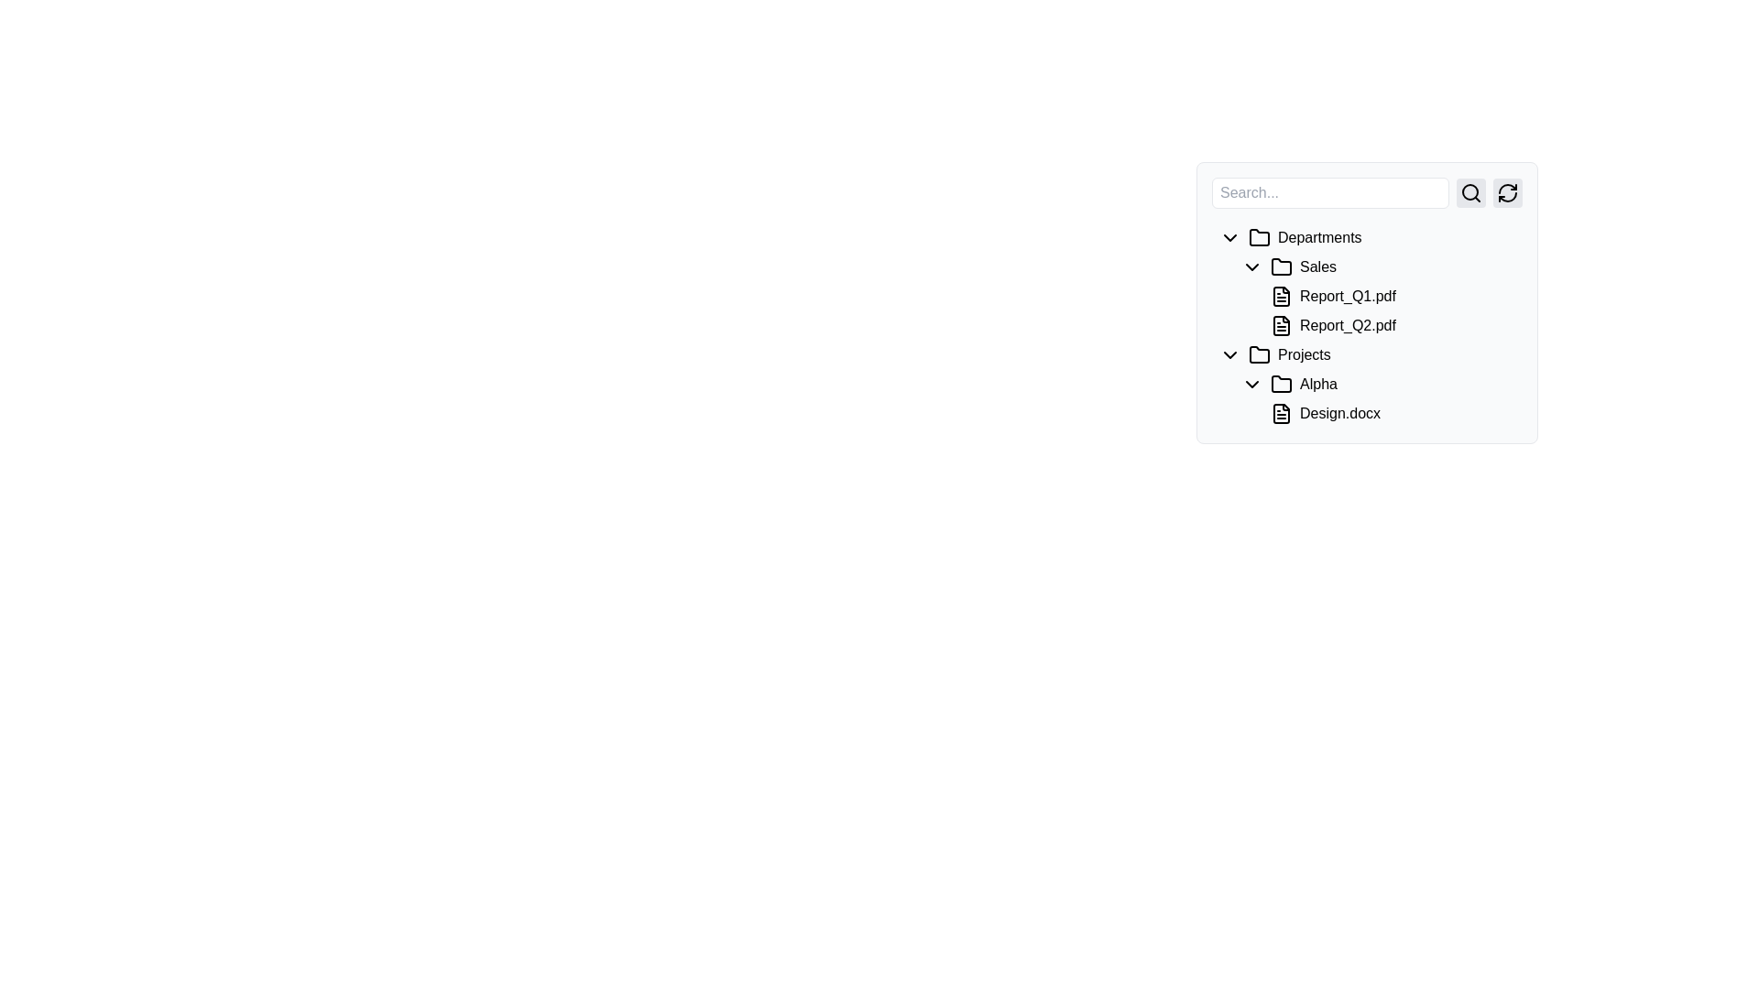 The height and width of the screenshot is (989, 1759). Describe the element at coordinates (1280, 267) in the screenshot. I see `the compact folder icon with a black outline located next to the 'Sales' label` at that location.